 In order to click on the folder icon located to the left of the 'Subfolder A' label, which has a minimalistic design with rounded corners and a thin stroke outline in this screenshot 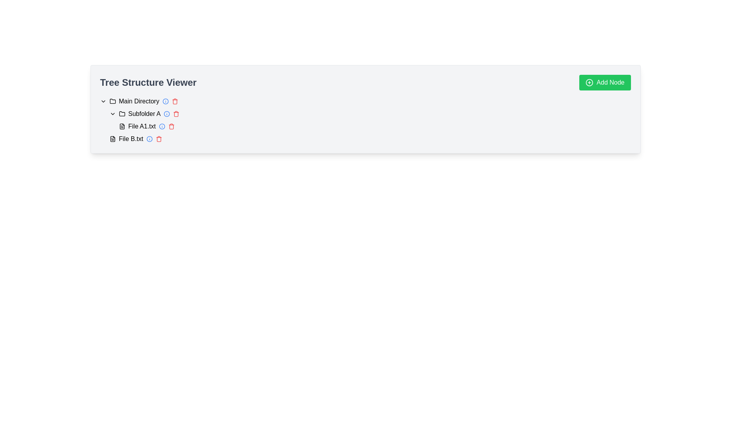, I will do `click(121, 114)`.